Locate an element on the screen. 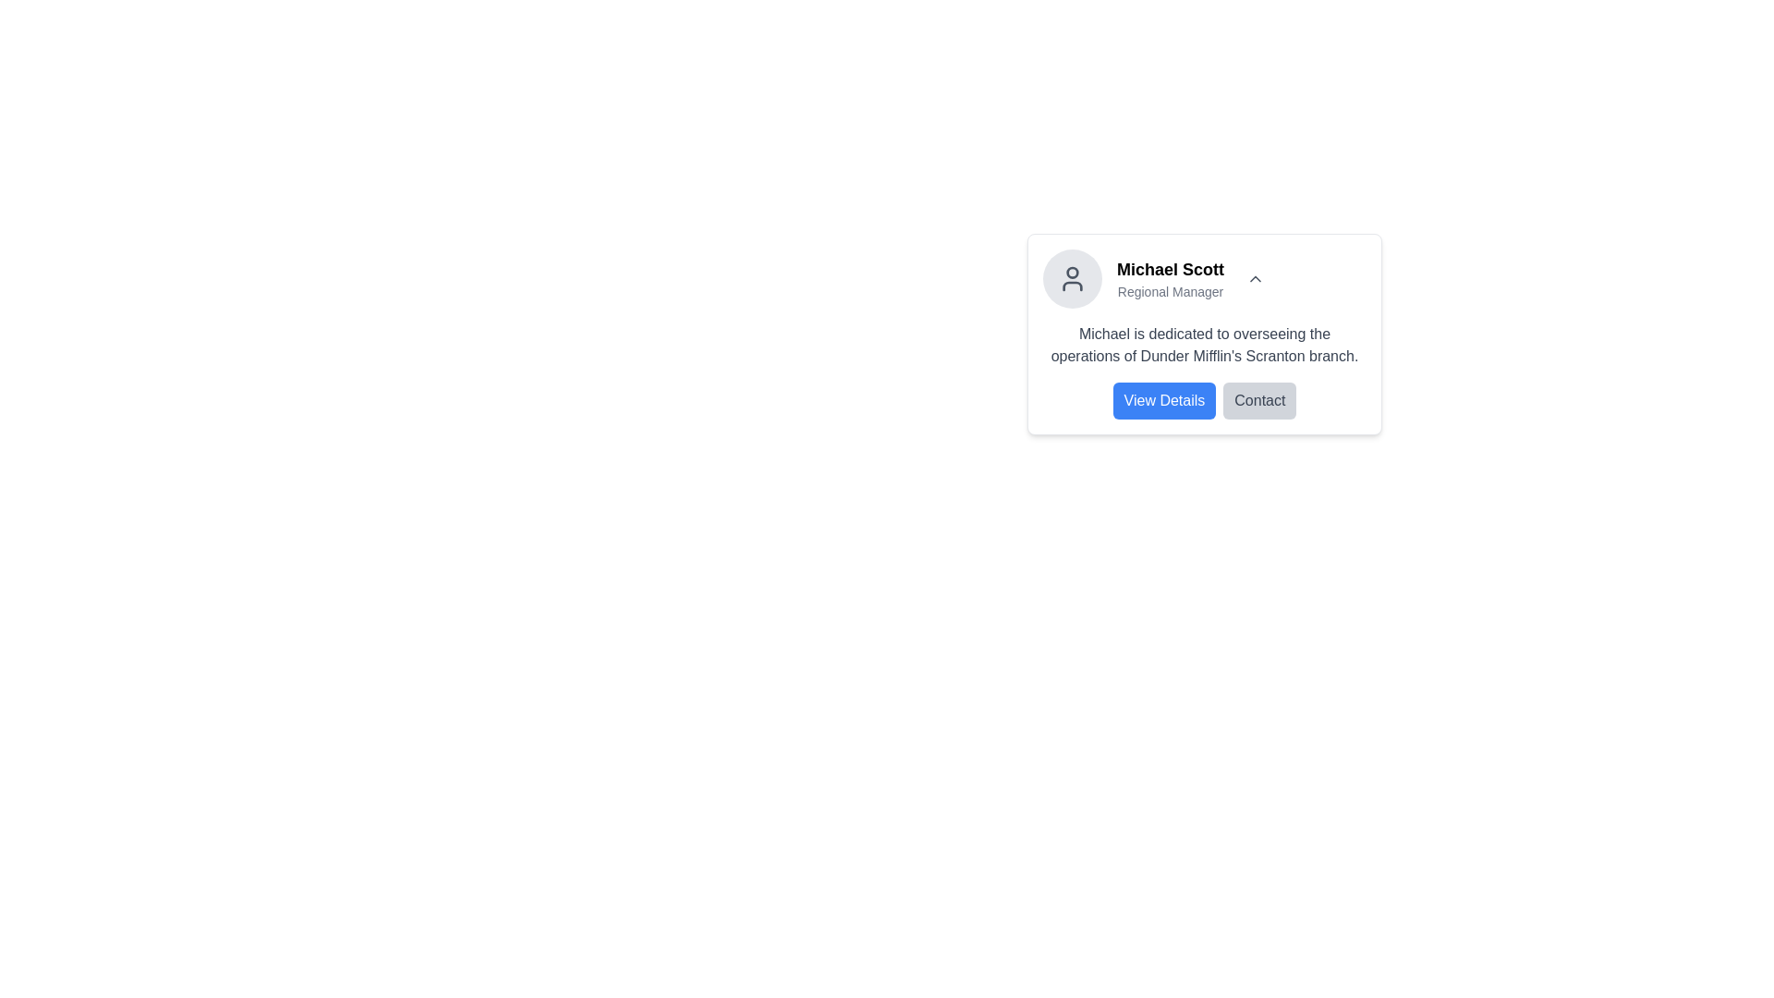  text element displaying 'Regional Manager', which is styled in a smaller font size and lighter gray color, located below the text 'Michael Scott' is located at coordinates (1170, 291).